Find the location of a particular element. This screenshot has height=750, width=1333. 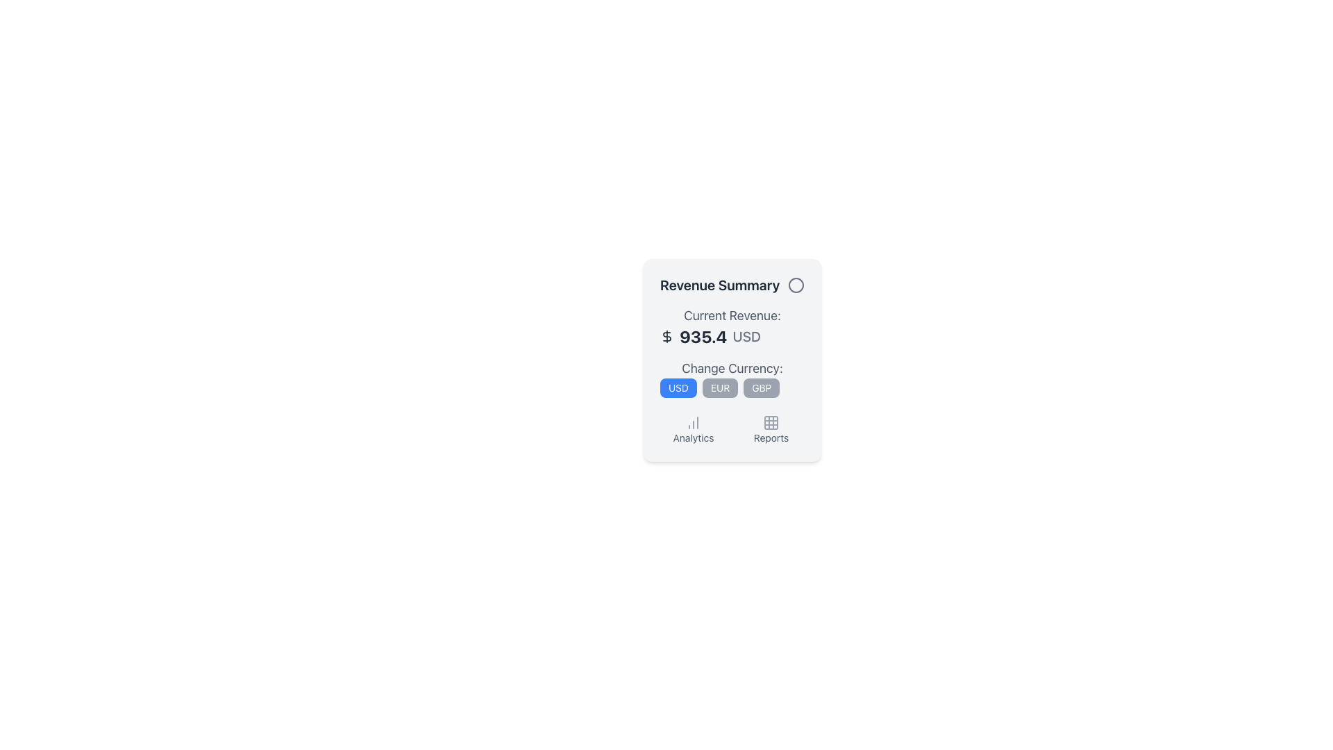

the text label displaying 'Change Currency:' which is located at the center of the card component, above the currency options is located at coordinates (732, 368).